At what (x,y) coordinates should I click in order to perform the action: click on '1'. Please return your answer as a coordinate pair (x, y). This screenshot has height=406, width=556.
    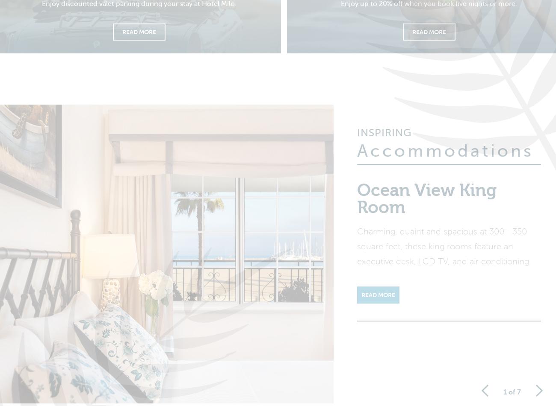
    Looking at the image, I should click on (505, 397).